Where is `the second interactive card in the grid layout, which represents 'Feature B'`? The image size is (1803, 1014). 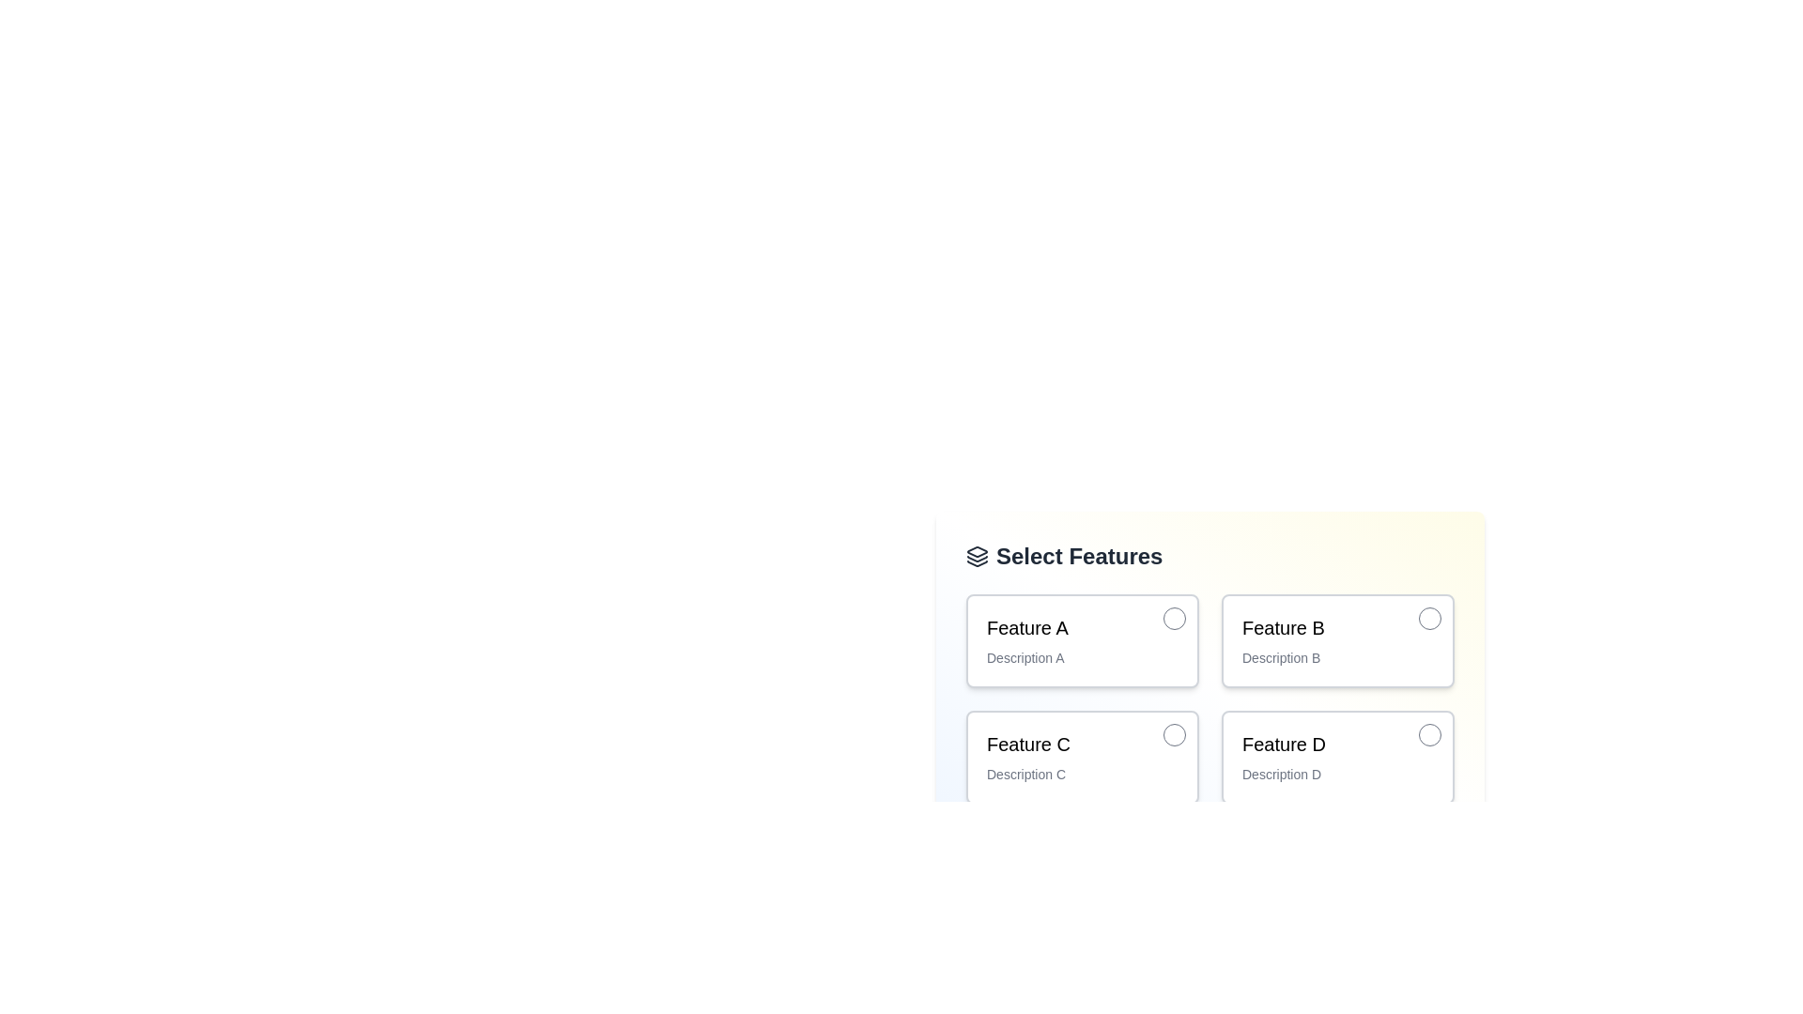
the second interactive card in the grid layout, which represents 'Feature B' is located at coordinates (1210, 644).